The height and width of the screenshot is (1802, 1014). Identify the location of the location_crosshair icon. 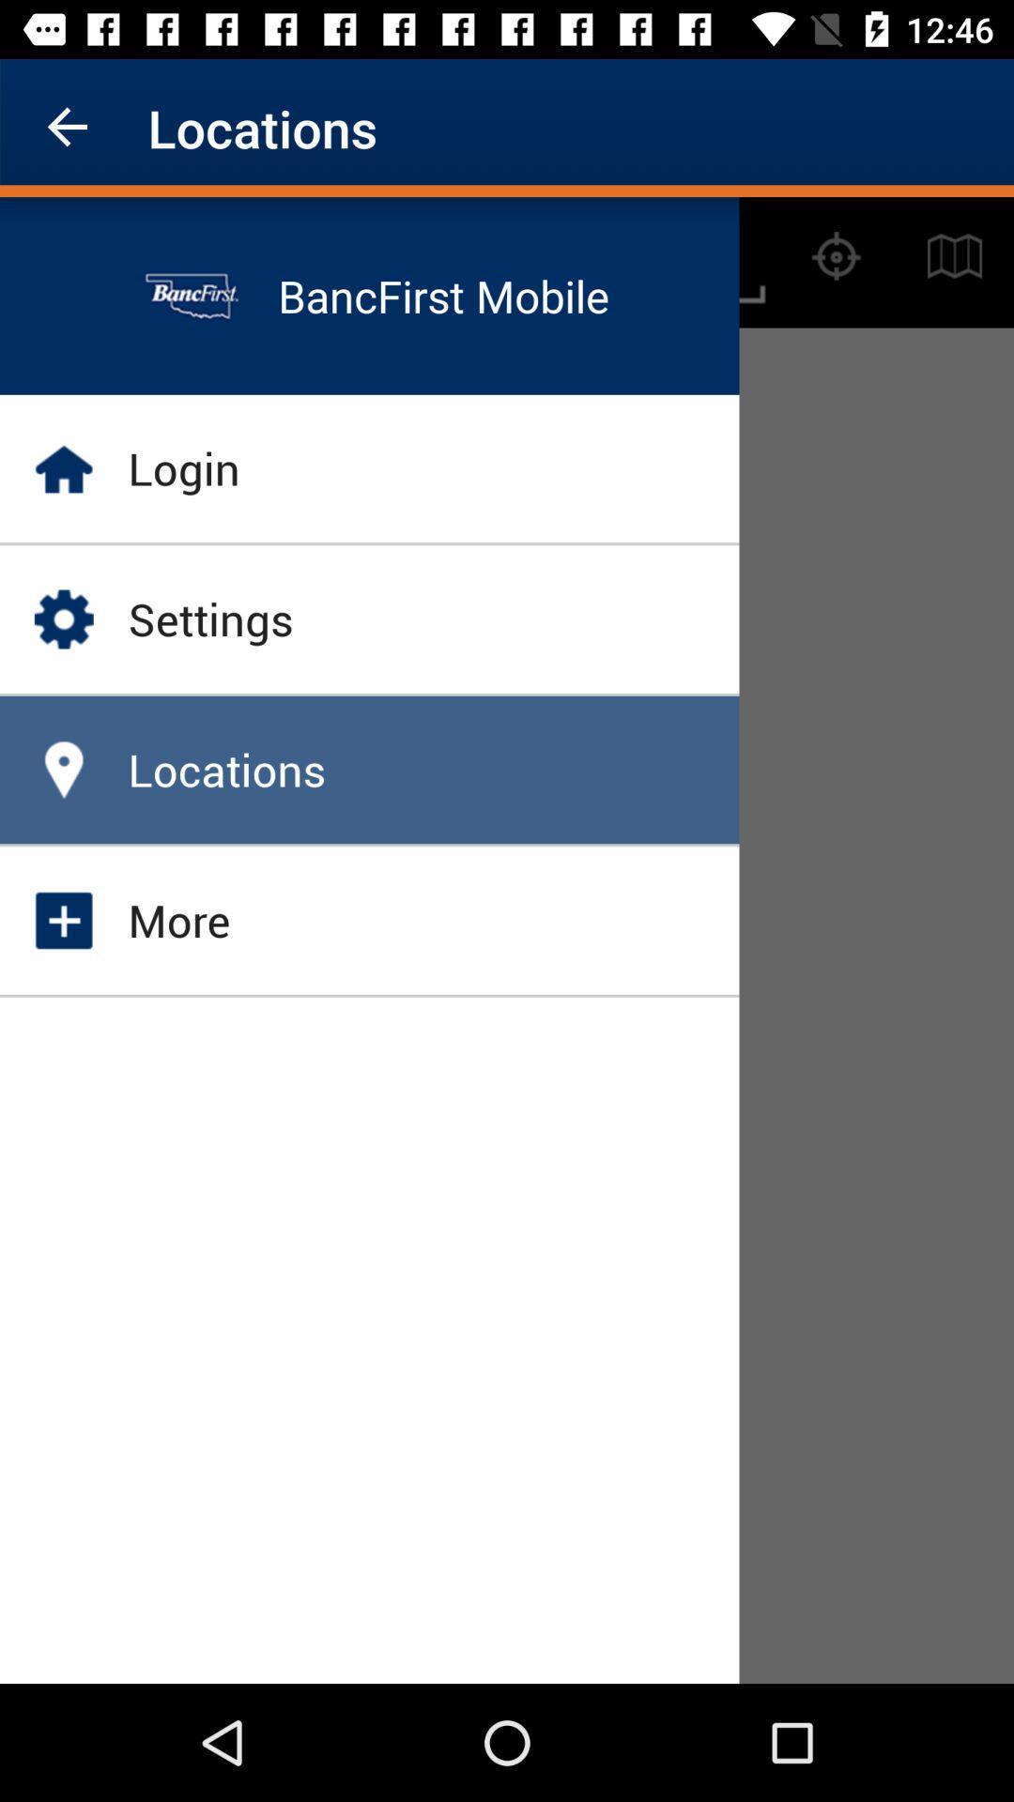
(836, 255).